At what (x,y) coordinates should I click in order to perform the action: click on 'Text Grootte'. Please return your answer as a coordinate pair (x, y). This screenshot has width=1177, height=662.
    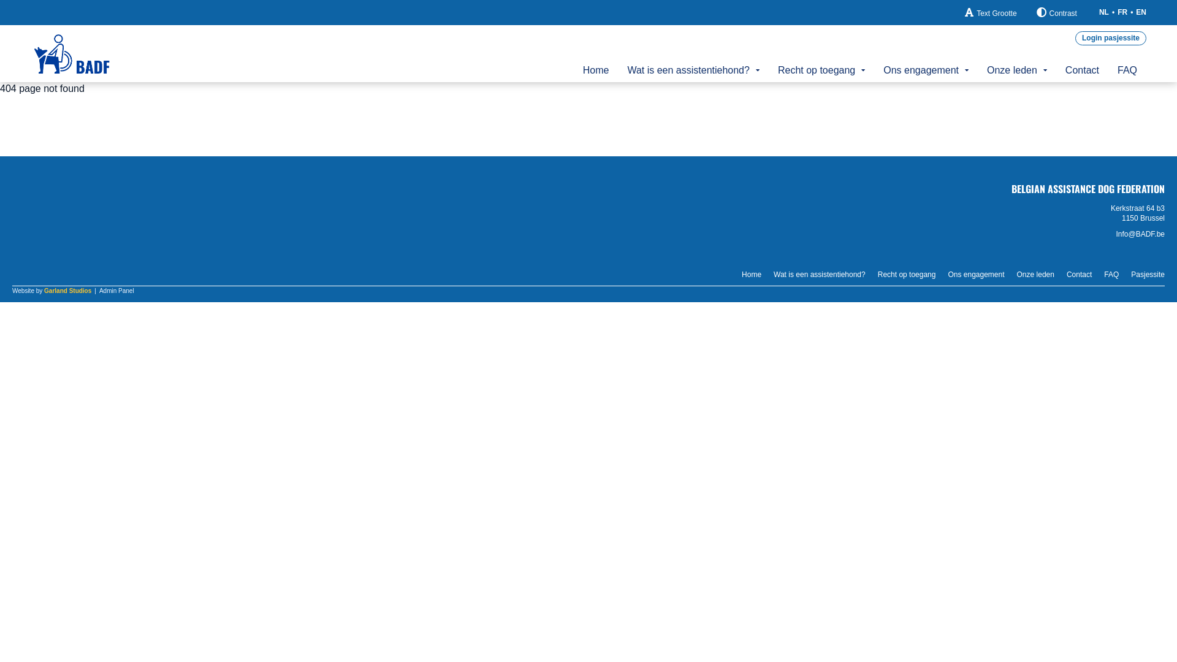
    Looking at the image, I should click on (991, 12).